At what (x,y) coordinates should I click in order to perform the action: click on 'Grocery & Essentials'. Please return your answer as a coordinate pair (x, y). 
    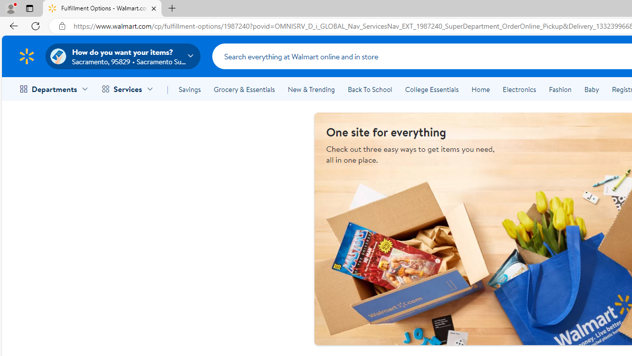
    Looking at the image, I should click on (244, 89).